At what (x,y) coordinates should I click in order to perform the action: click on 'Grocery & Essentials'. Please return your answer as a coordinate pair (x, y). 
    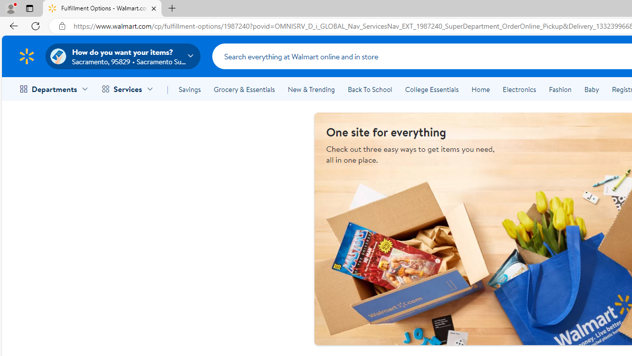
    Looking at the image, I should click on (244, 89).